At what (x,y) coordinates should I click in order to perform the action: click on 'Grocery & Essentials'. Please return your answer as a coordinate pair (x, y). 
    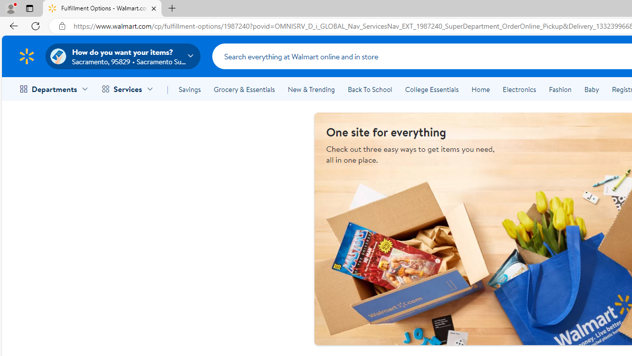
    Looking at the image, I should click on (244, 89).